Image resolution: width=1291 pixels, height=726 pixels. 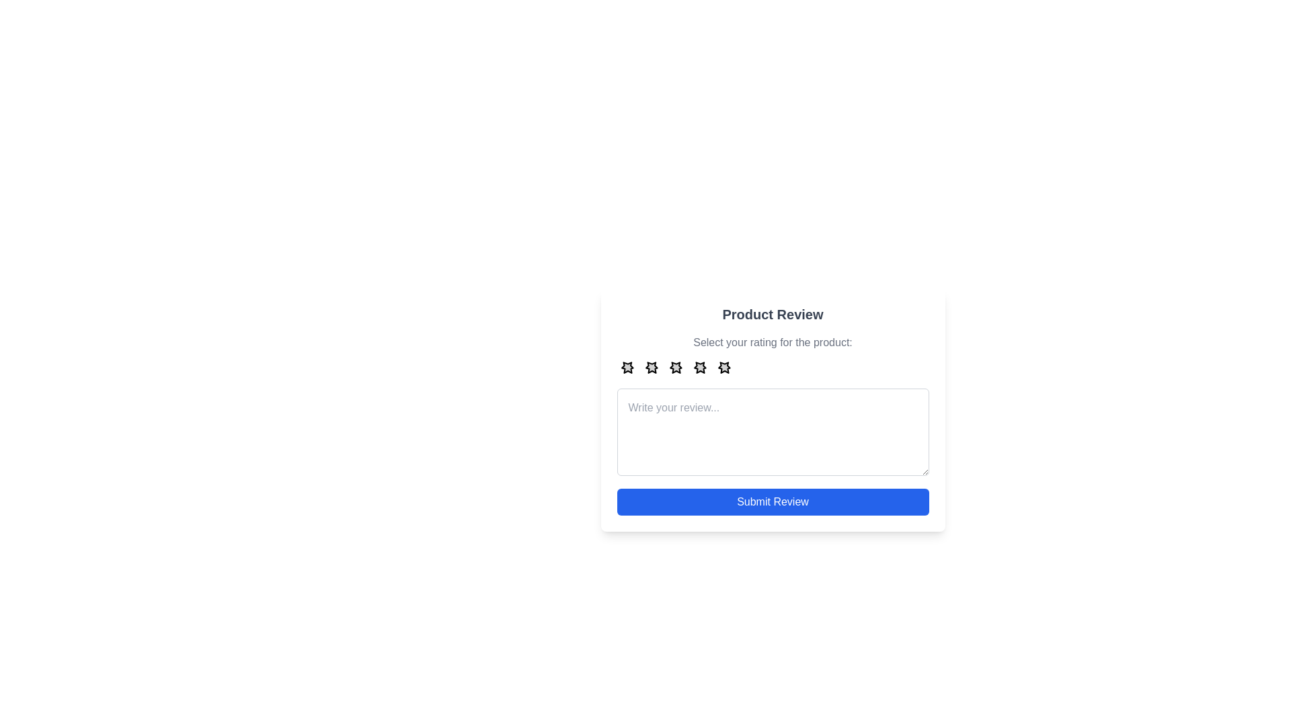 I want to click on 'Submit Review' button, so click(x=773, y=502).